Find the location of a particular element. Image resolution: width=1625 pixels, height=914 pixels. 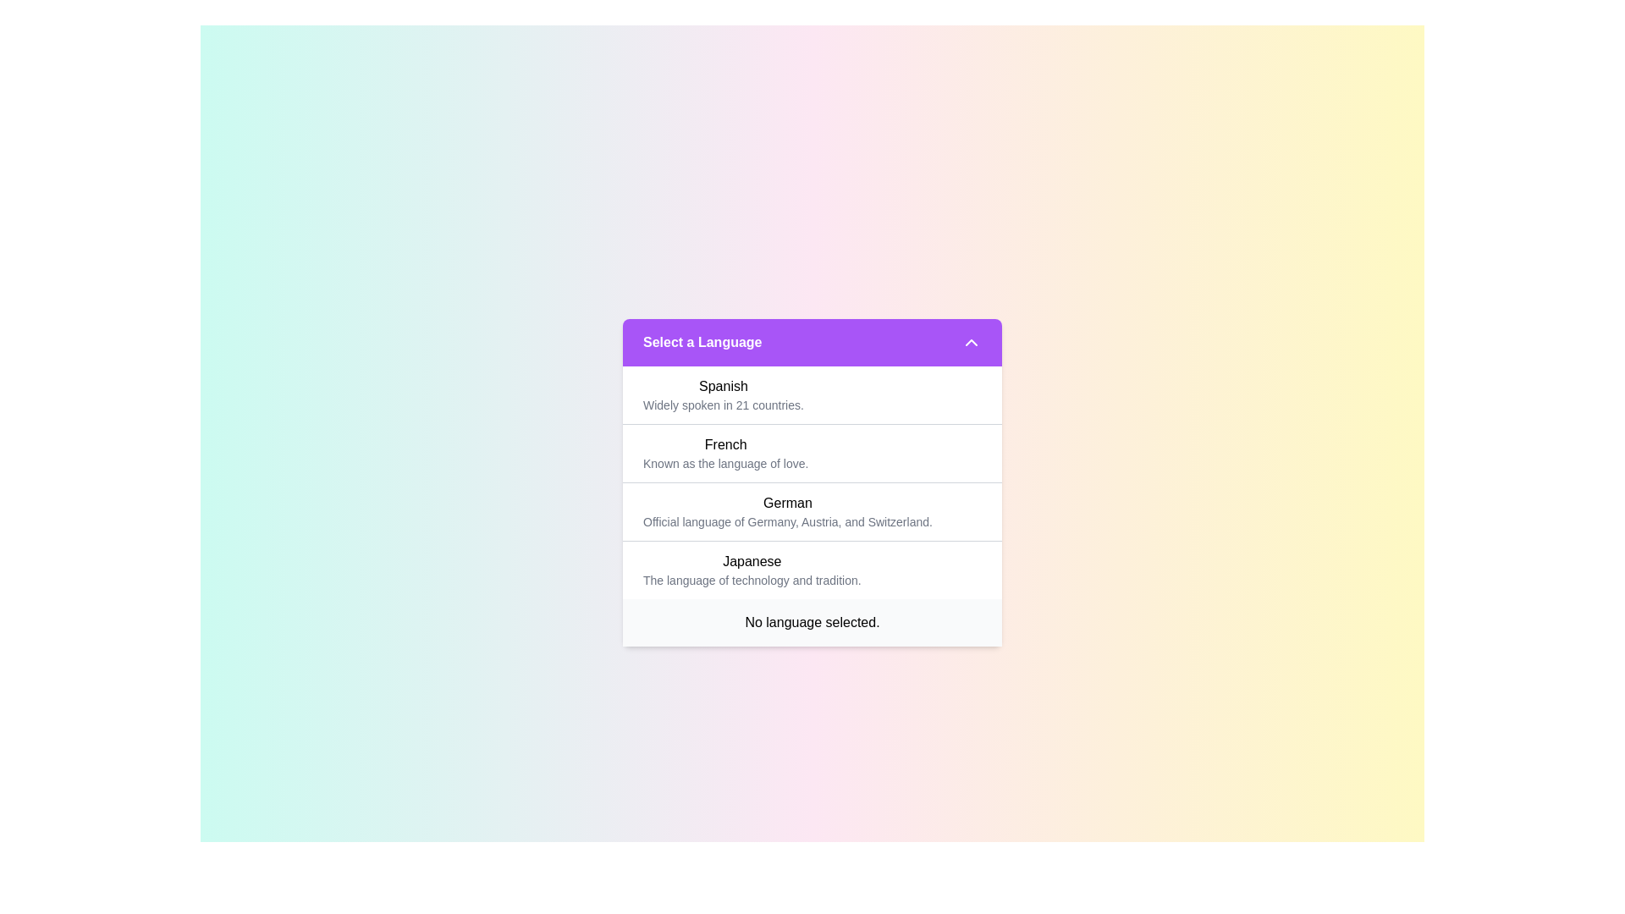

the text label element that reads 'Official language of Germany, Austria, and Switzerland.' located below the bold 'German' title in the language selection dropdown is located at coordinates (787, 520).